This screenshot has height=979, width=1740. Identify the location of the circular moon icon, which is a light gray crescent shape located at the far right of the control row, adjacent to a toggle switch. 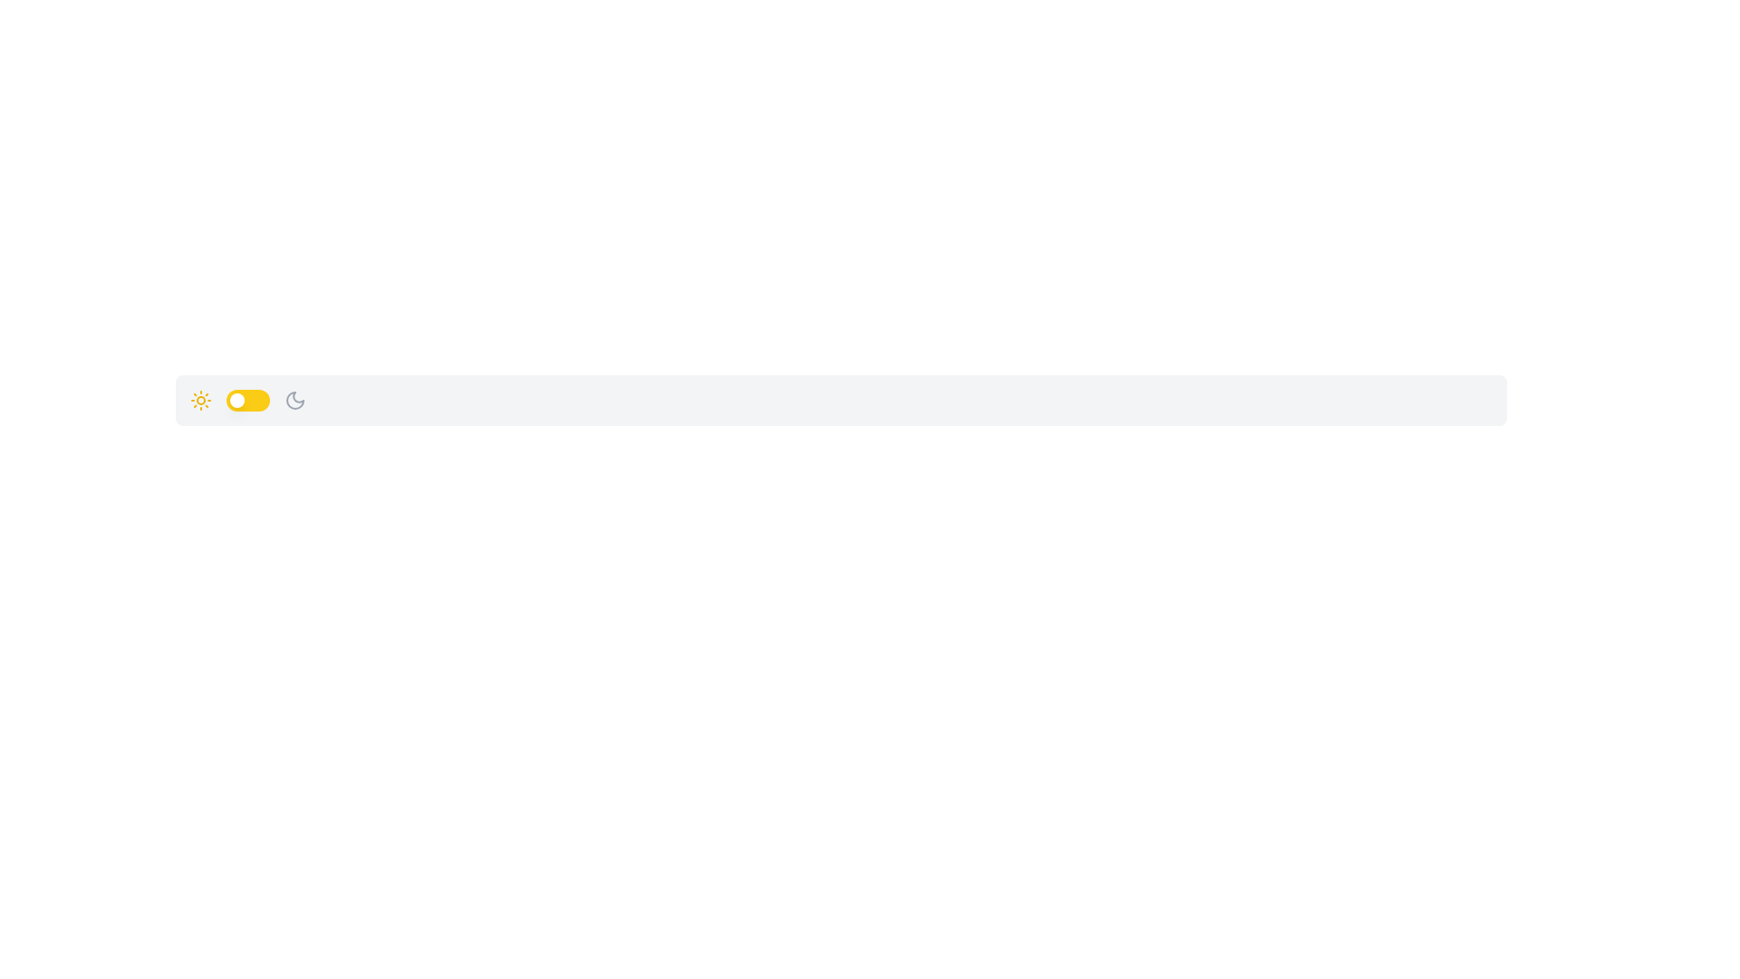
(295, 400).